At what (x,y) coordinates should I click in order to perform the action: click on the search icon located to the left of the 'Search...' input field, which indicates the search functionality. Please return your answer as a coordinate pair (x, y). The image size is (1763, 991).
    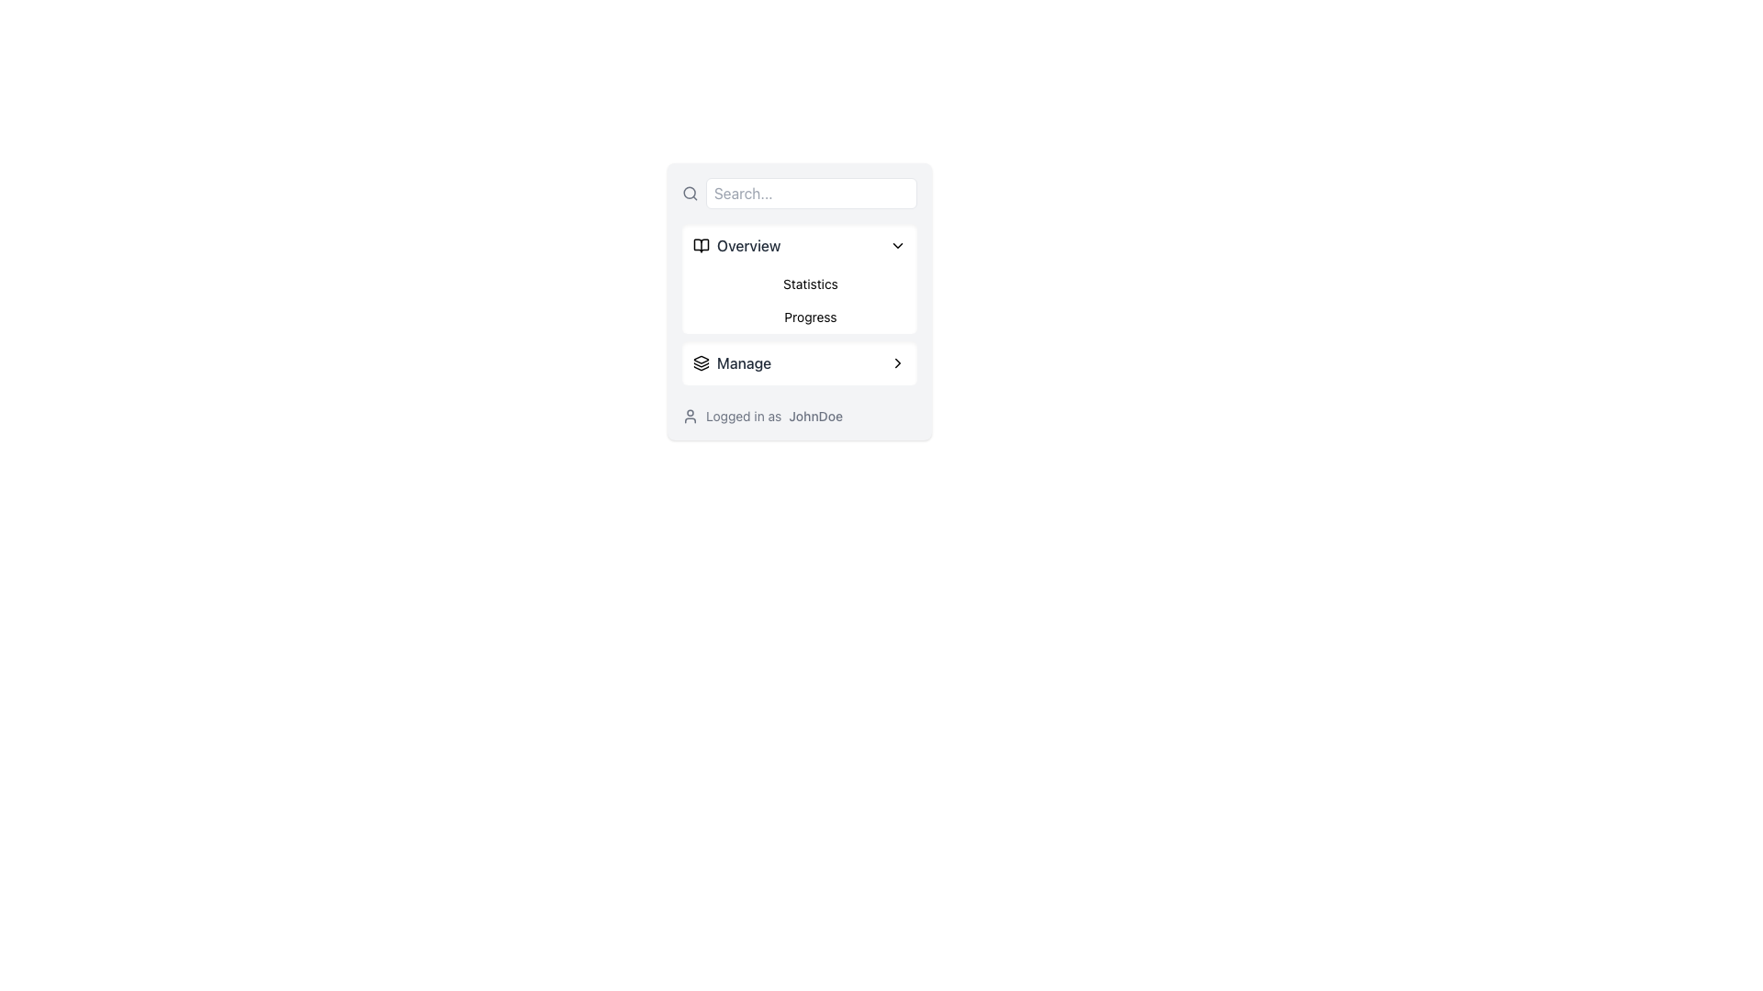
    Looking at the image, I should click on (689, 194).